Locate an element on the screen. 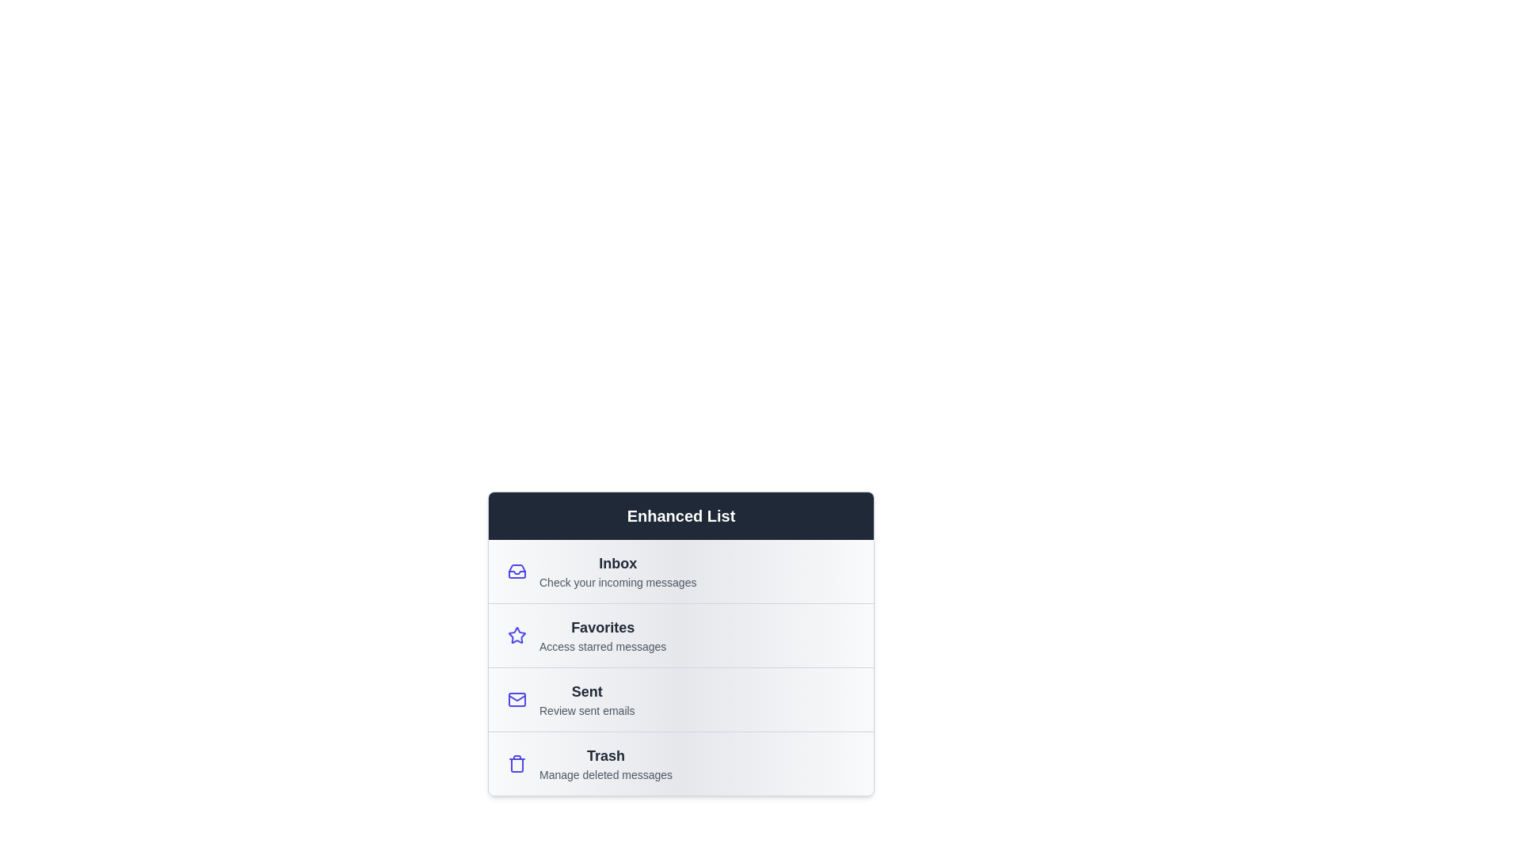 The height and width of the screenshot is (855, 1521). the envelope icon with a blue border located to the left of the 'Sent' text in the 'Enhanced List' interface is located at coordinates (517, 698).